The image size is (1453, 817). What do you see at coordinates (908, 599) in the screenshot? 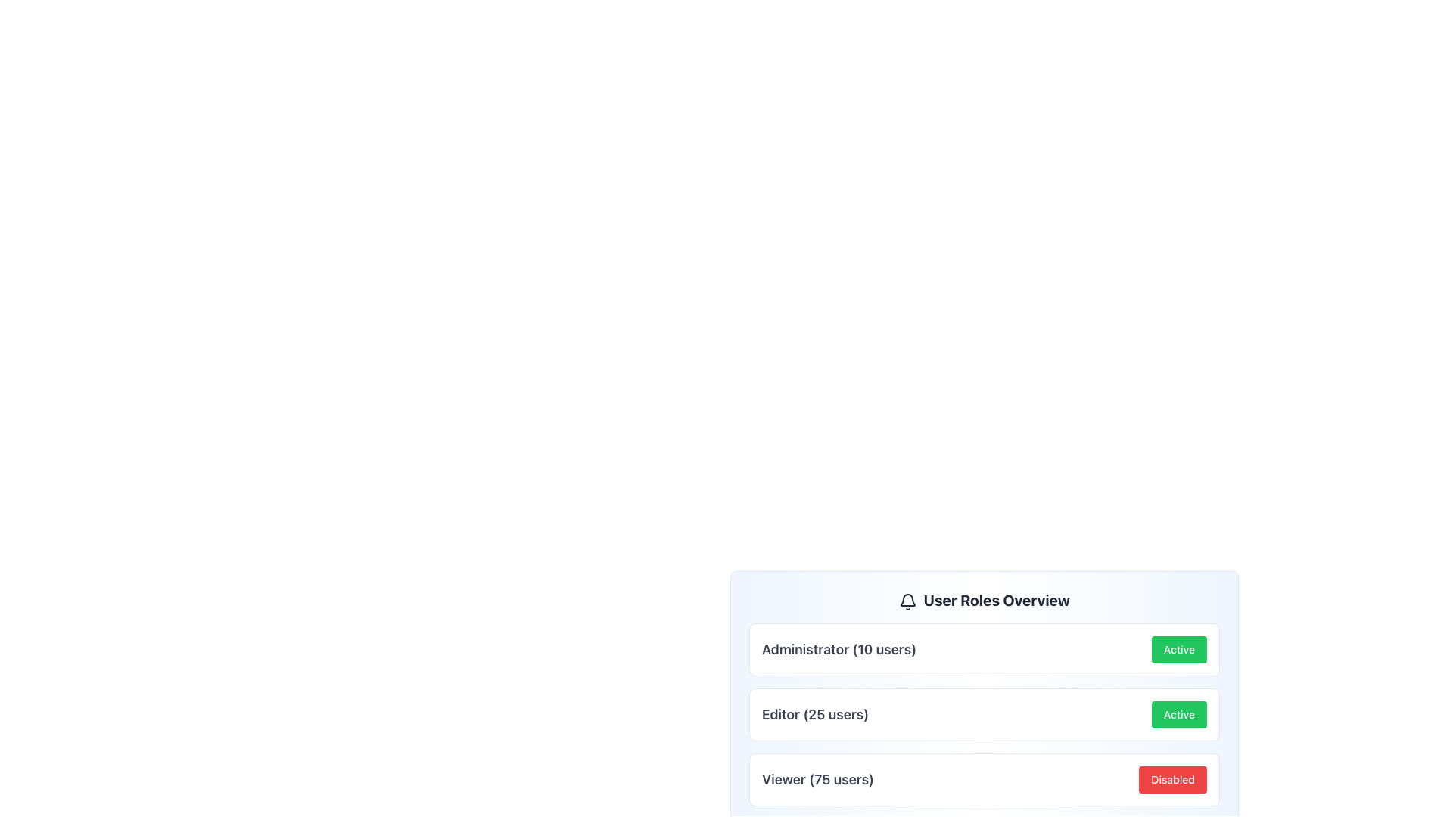
I see `the bell icon representing notifications, located in the header of the 'User Roles Overview' section` at bounding box center [908, 599].